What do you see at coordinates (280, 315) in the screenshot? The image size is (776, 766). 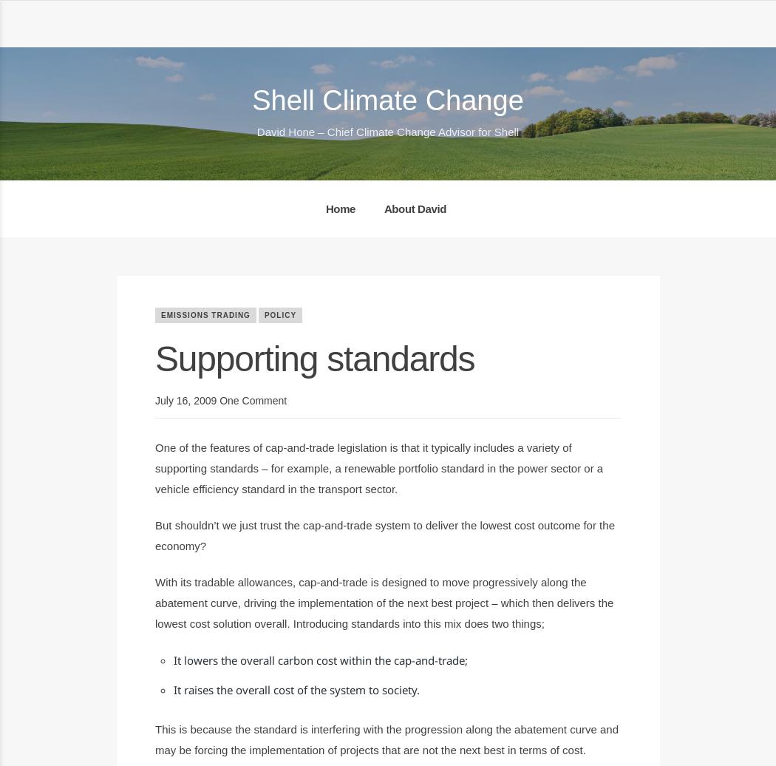 I see `'Policy'` at bounding box center [280, 315].